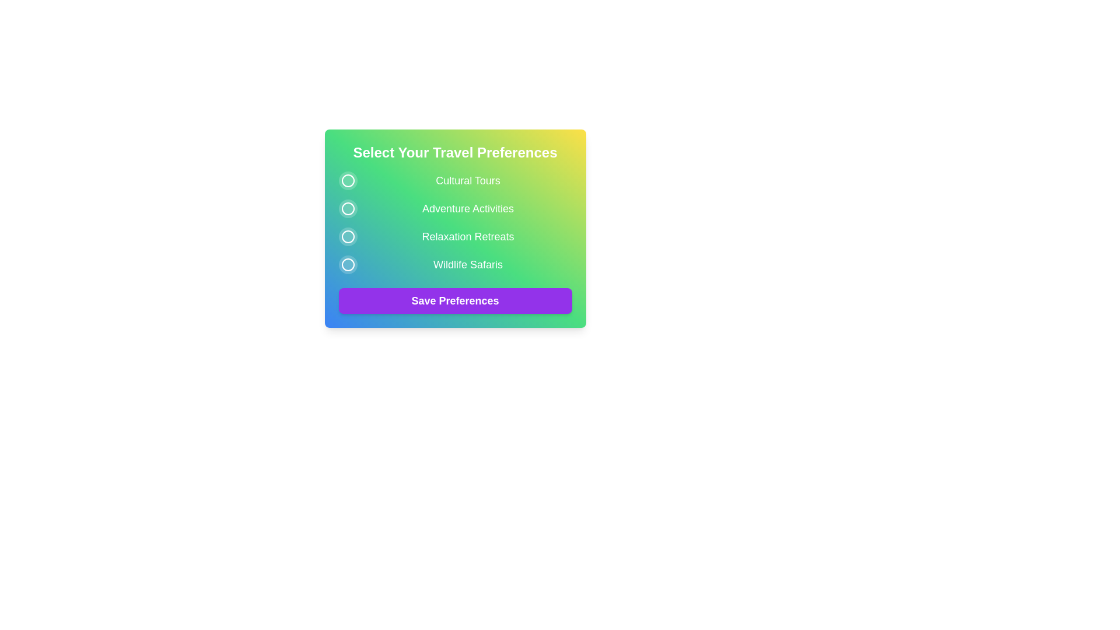 This screenshot has height=630, width=1120. Describe the element at coordinates (347, 236) in the screenshot. I see `the button corresponding to the preference Relaxation Retreats` at that location.